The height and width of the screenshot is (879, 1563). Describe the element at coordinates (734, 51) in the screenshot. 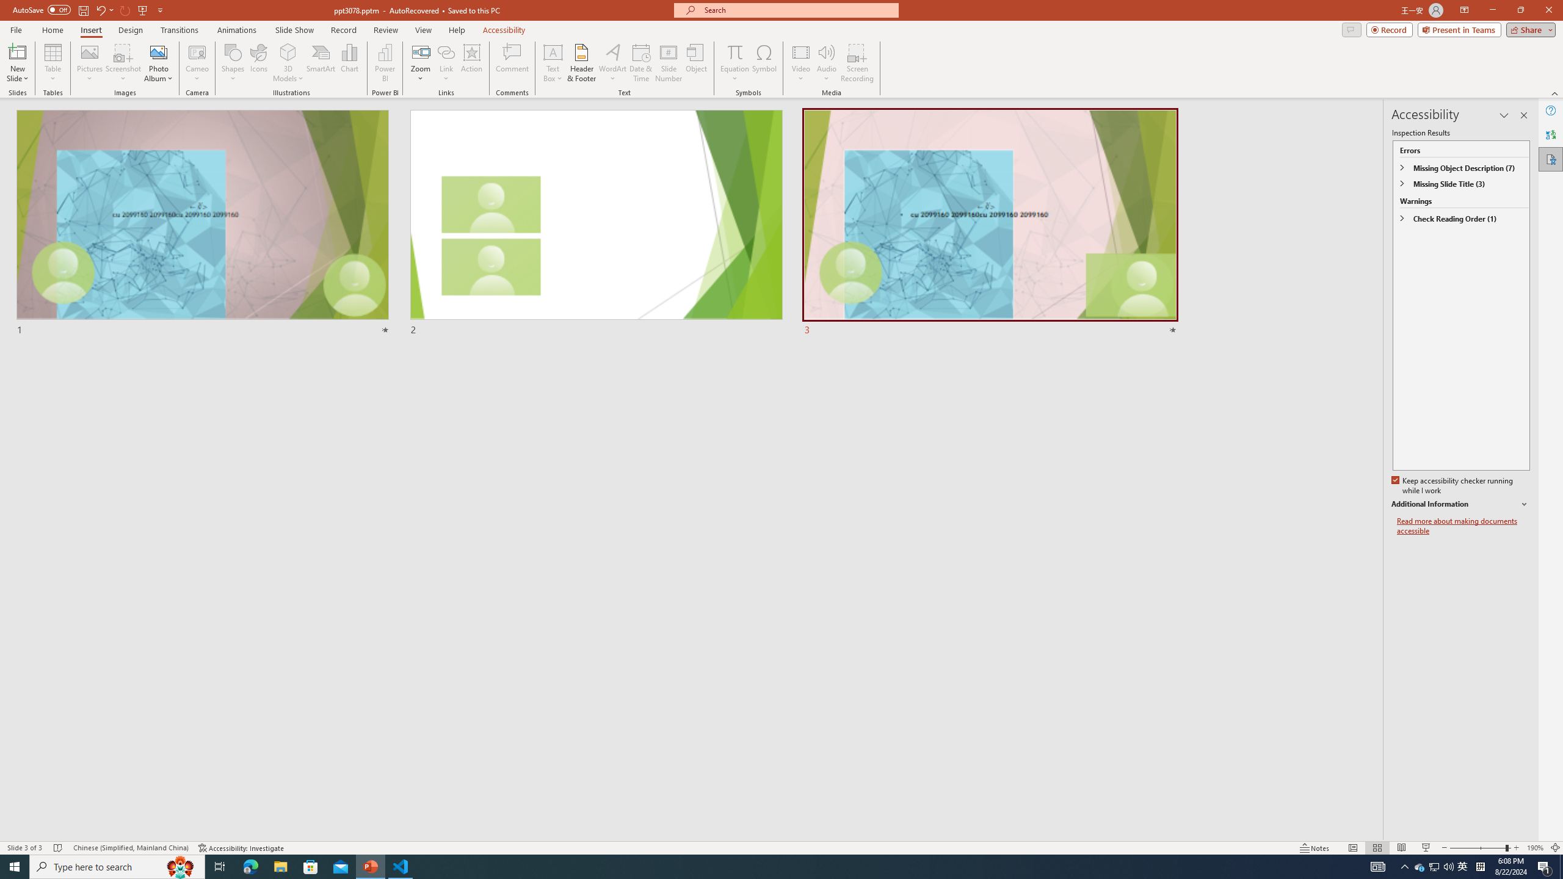

I see `'Equation'` at that location.